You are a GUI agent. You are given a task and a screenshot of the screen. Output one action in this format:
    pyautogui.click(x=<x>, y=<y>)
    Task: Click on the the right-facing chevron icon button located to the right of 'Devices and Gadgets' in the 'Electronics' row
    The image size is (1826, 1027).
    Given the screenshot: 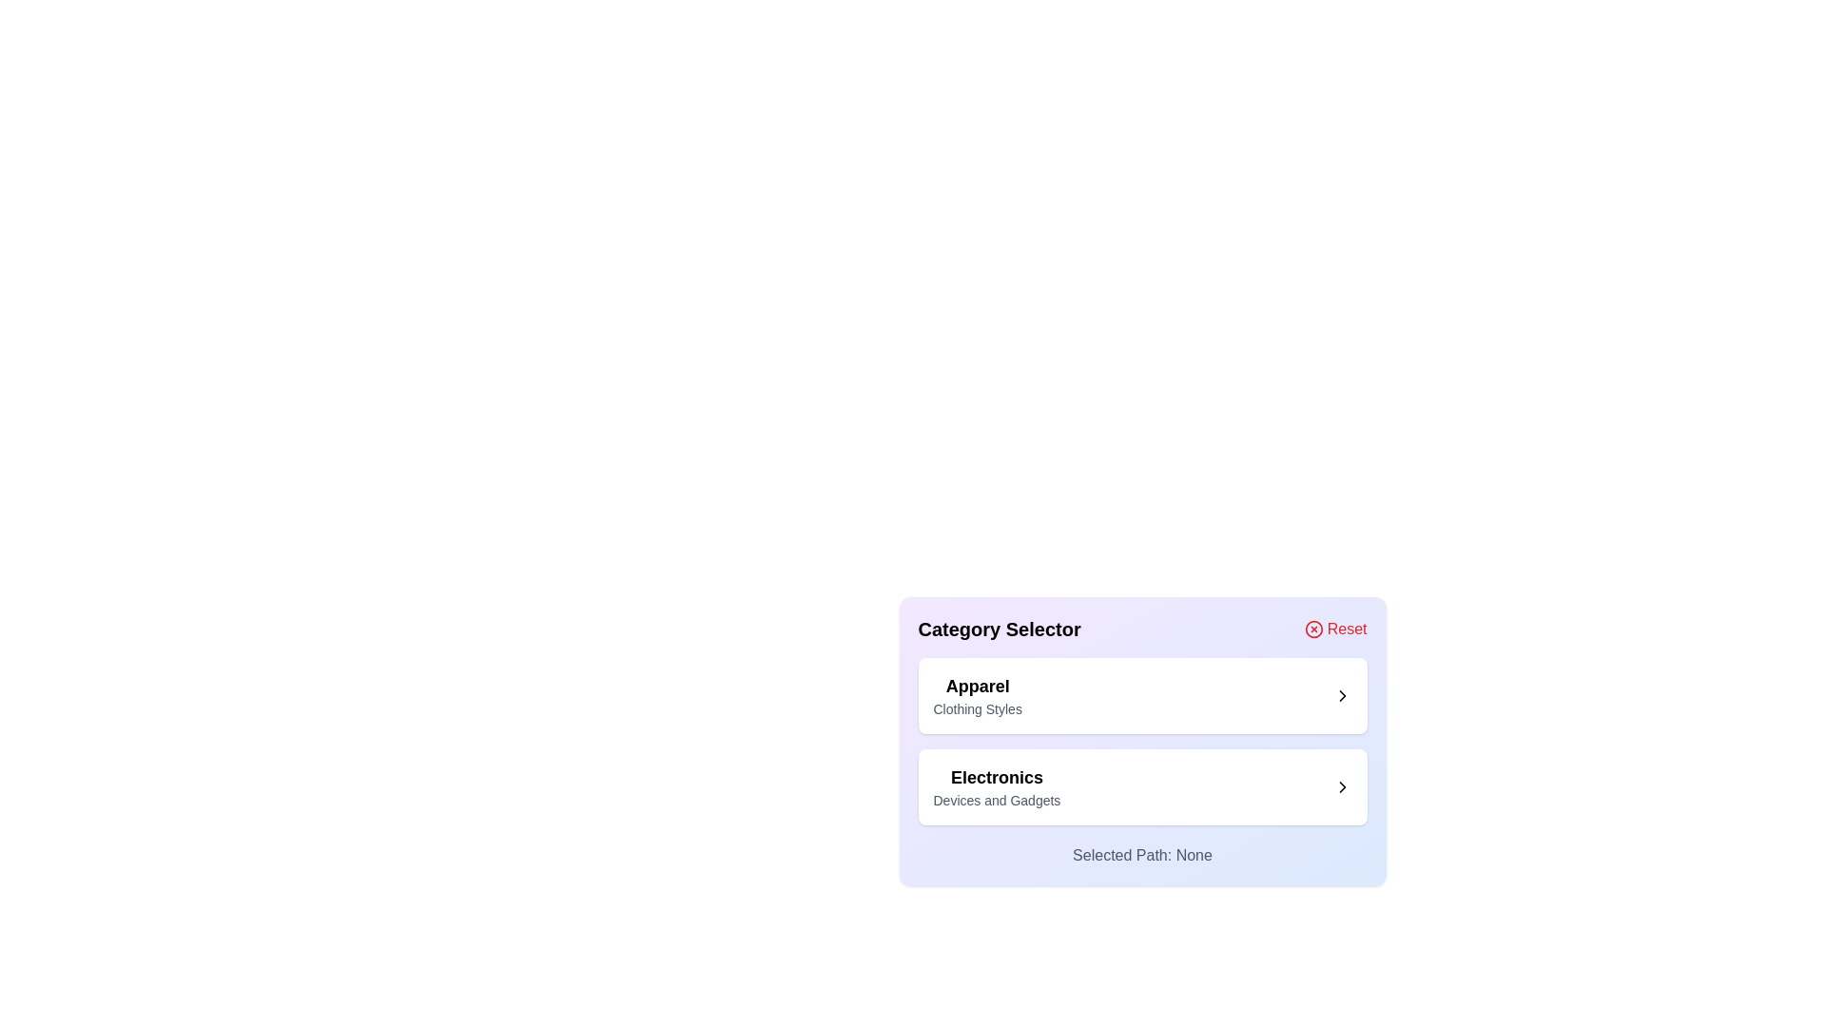 What is the action you would take?
    pyautogui.click(x=1341, y=787)
    